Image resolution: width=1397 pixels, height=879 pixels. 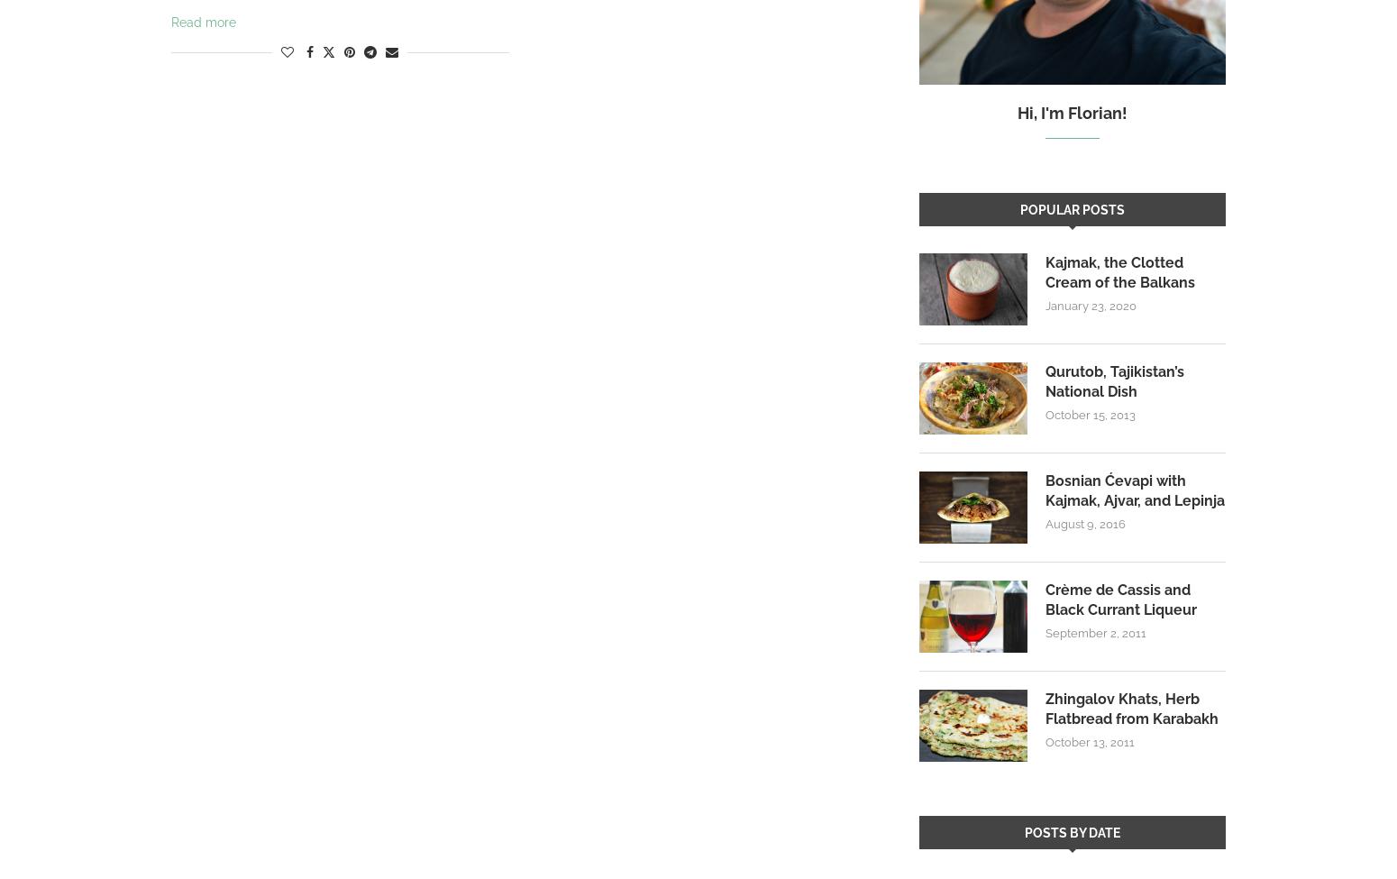 I want to click on 'Bosnian Ćevapi with Kajmak, Ajvar, and Lepinja', so click(x=1134, y=489).